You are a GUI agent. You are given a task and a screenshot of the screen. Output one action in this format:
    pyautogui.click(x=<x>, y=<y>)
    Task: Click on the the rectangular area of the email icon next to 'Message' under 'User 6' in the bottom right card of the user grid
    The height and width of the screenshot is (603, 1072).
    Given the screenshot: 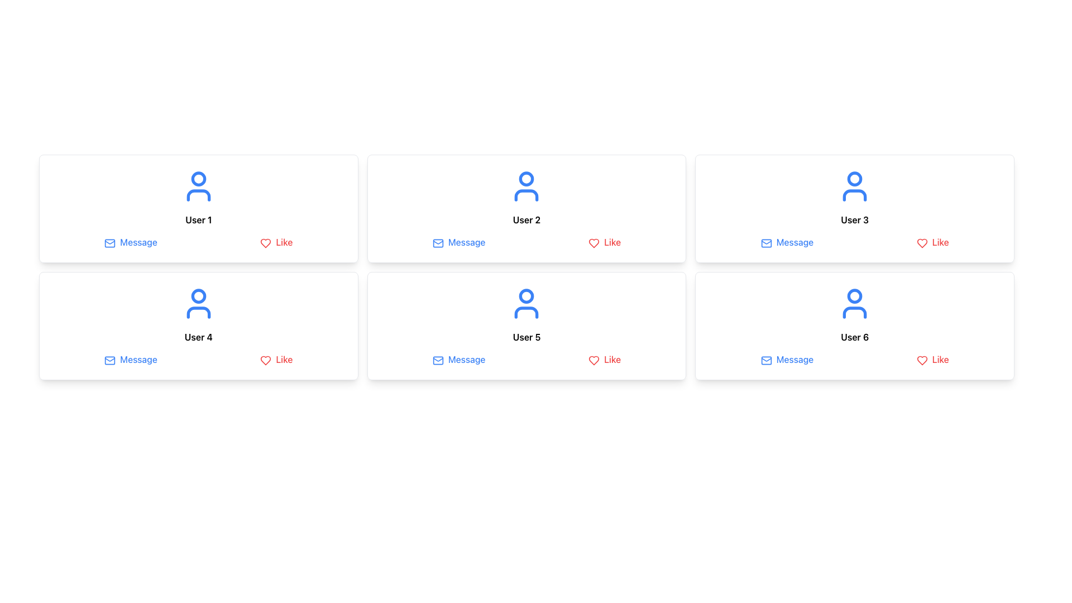 What is the action you would take?
    pyautogui.click(x=765, y=360)
    